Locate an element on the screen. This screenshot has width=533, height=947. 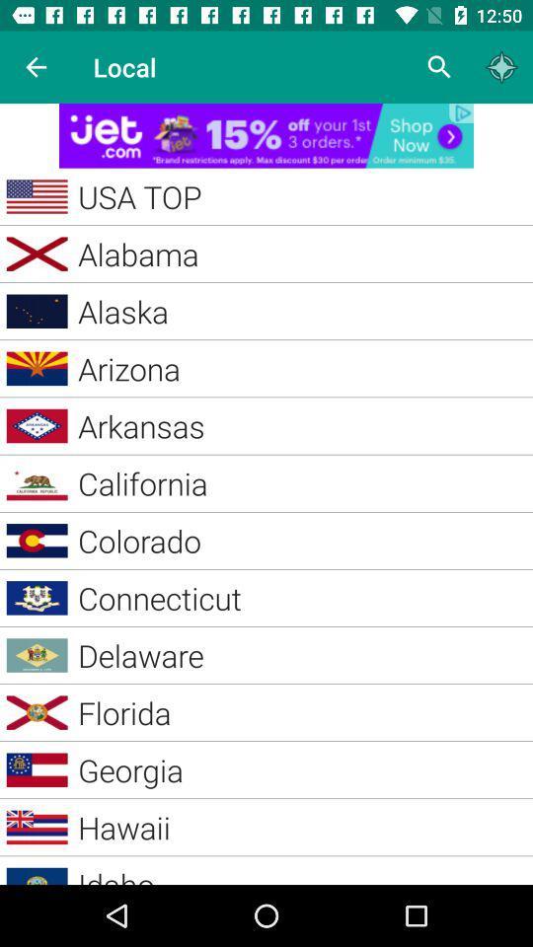
offer advertisement is located at coordinates (266, 134).